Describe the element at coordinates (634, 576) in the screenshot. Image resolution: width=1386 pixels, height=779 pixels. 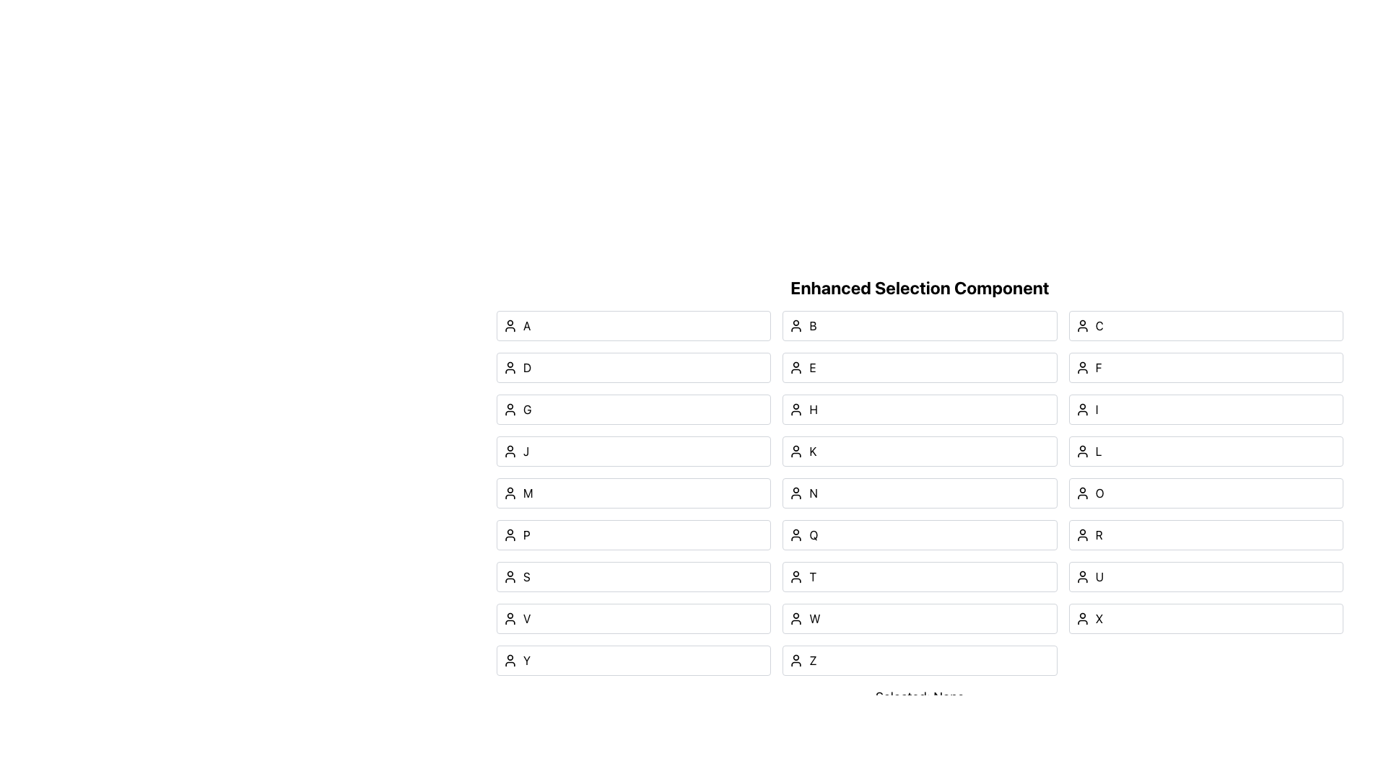
I see `the button labeled 'S' which is a horizontally rectangular button with a white background and black text, located in the last row, first column of the grid` at that location.